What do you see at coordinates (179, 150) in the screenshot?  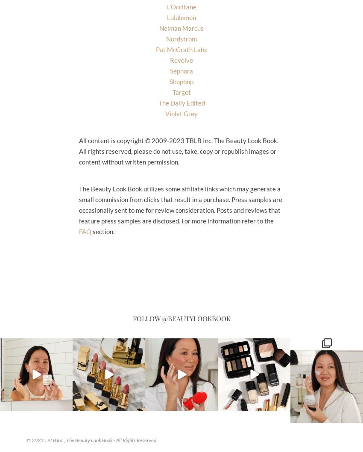 I see `'All content is copyright © 2009-2023 TBLB Inc. The Beauty Look Book. All rights reserved, please do not use, take, copy or republish images or content without written permission.'` at bounding box center [179, 150].